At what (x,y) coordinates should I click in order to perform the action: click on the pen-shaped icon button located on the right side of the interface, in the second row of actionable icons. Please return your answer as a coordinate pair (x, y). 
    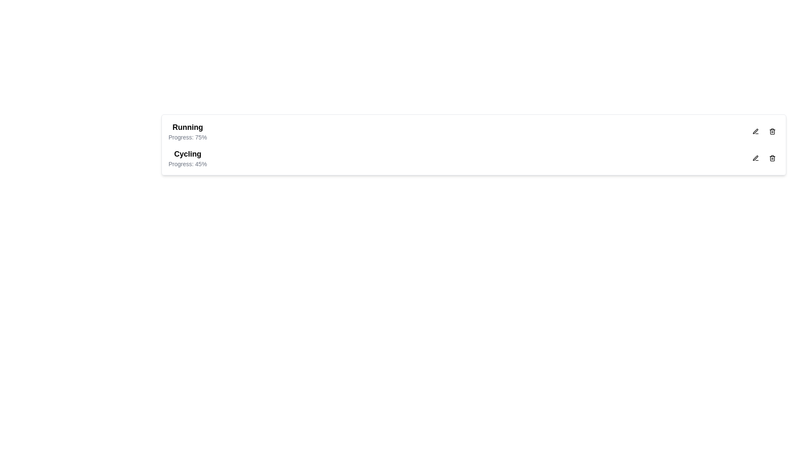
    Looking at the image, I should click on (755, 132).